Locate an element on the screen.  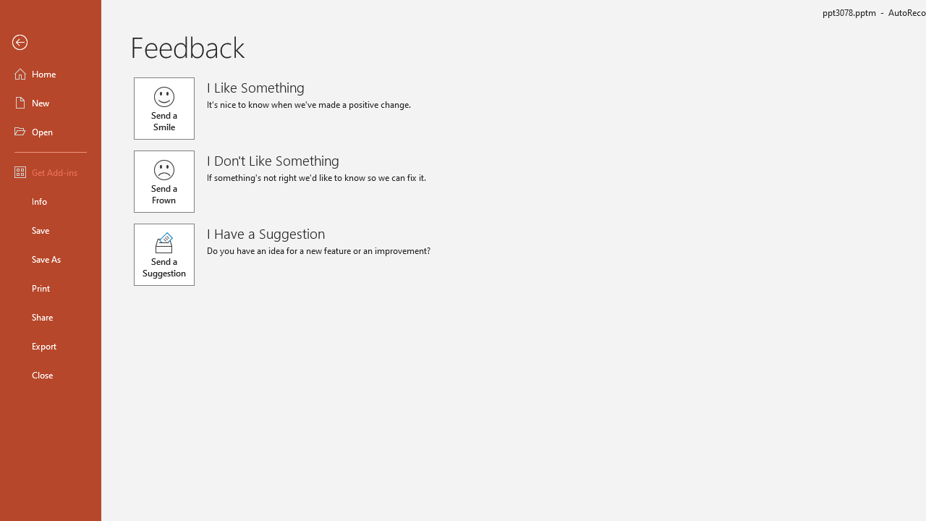
'Back' is located at coordinates (50, 42).